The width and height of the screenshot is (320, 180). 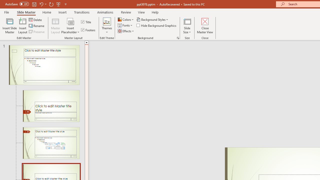 I want to click on 'Preserve', so click(x=37, y=32).